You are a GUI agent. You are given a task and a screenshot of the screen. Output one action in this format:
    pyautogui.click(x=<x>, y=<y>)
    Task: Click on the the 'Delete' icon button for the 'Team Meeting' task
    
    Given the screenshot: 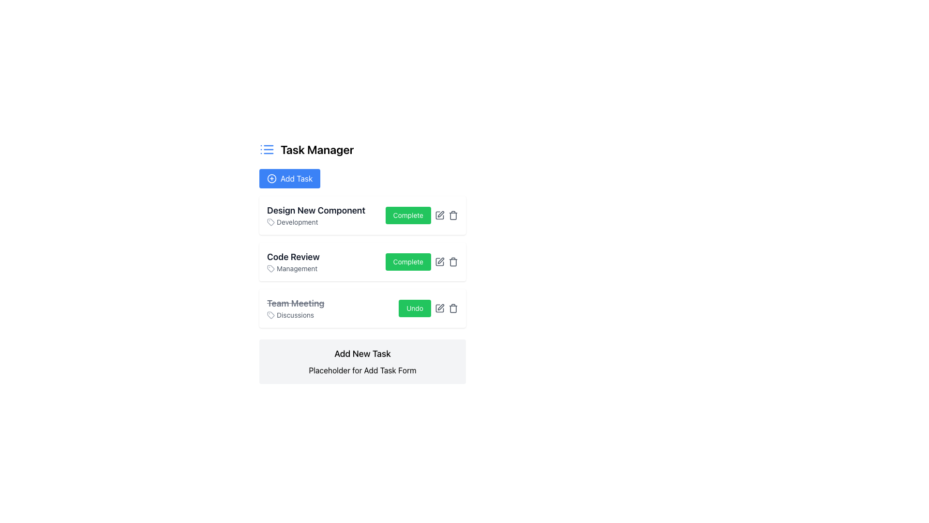 What is the action you would take?
    pyautogui.click(x=452, y=308)
    